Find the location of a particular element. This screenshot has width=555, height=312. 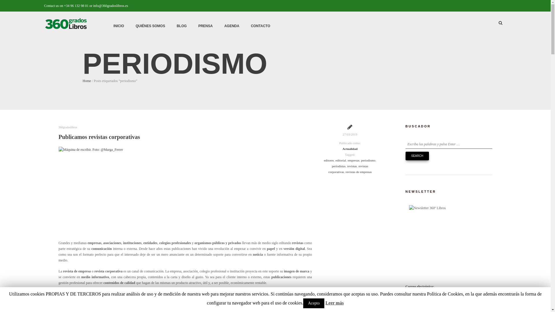

'periodismo' is located at coordinates (368, 160).